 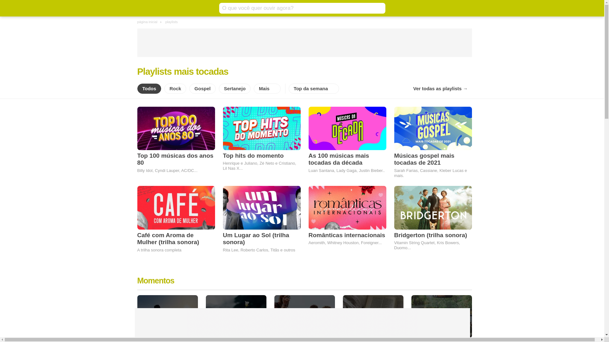 I want to click on 'Romance', so click(x=206, y=316).